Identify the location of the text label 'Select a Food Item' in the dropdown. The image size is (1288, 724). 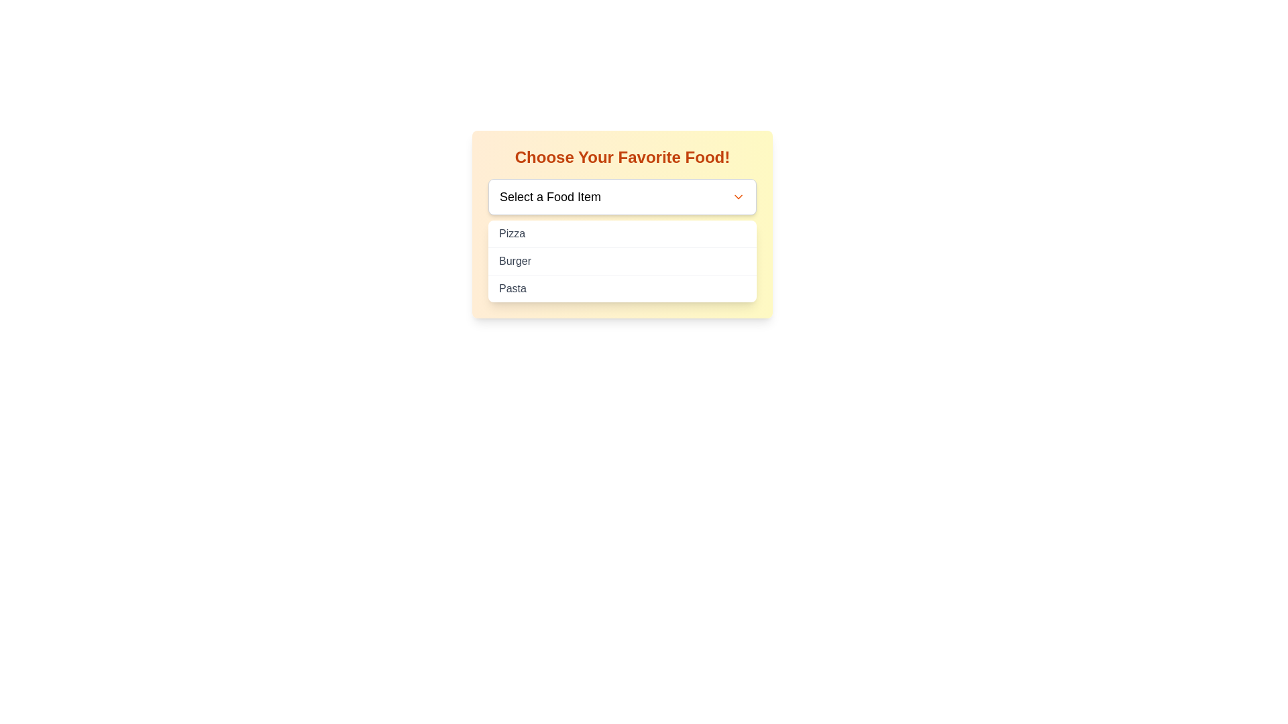
(550, 196).